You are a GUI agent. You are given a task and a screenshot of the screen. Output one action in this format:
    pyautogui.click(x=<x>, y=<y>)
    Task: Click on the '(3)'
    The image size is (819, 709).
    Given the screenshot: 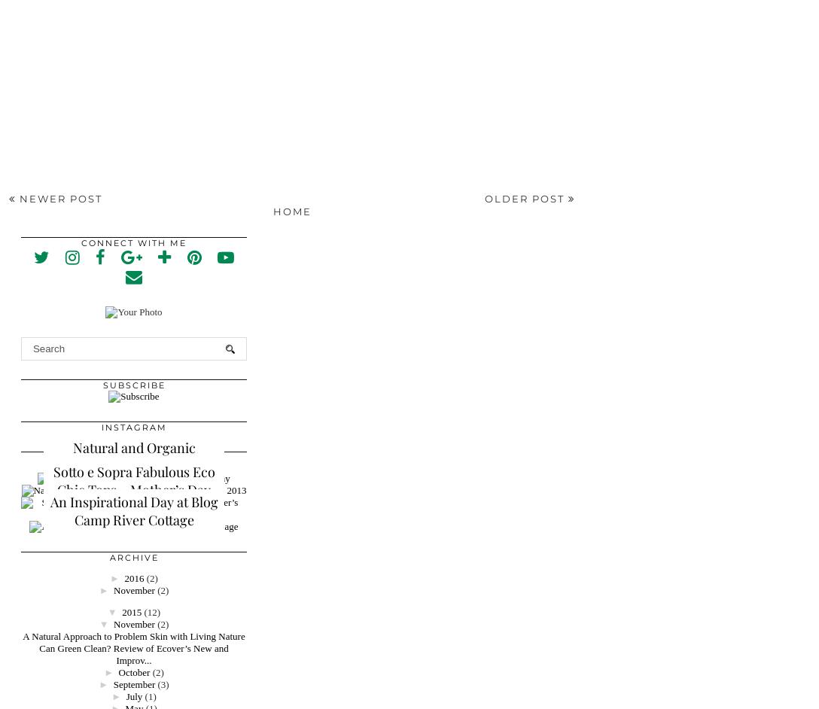 What is the action you would take?
    pyautogui.click(x=157, y=683)
    